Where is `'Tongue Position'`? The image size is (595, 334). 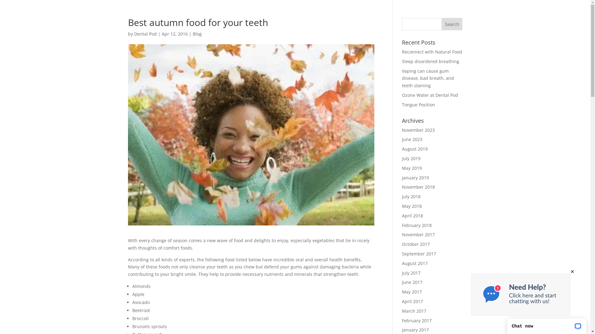
'Tongue Position' is located at coordinates (418, 104).